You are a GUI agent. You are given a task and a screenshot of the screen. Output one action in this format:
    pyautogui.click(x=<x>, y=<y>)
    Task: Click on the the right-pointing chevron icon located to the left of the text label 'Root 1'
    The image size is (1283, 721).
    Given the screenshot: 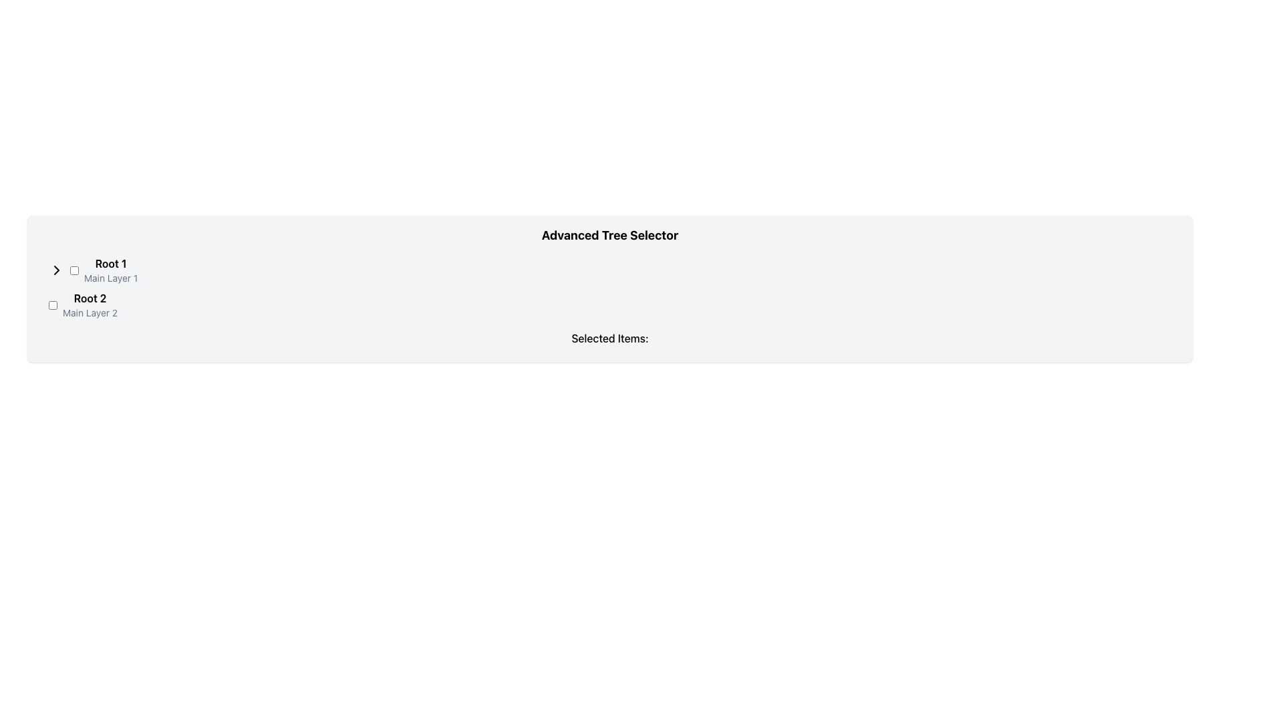 What is the action you would take?
    pyautogui.click(x=56, y=270)
    